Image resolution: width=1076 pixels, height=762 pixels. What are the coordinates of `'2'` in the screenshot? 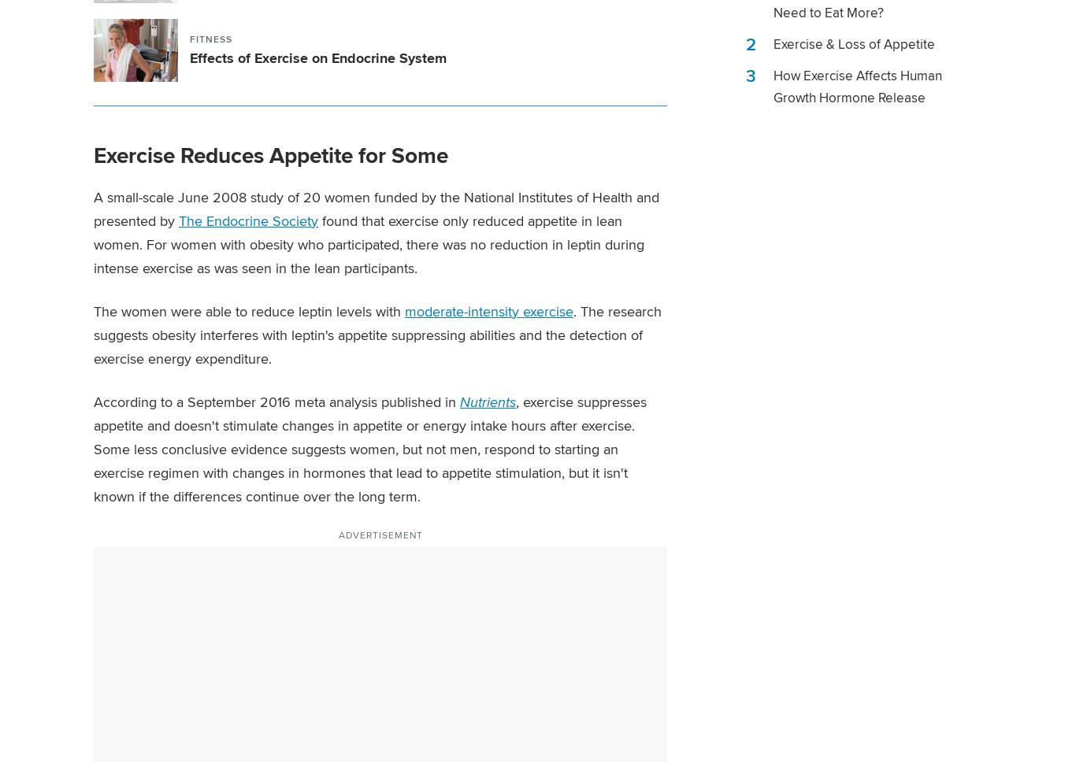 It's located at (751, 43).